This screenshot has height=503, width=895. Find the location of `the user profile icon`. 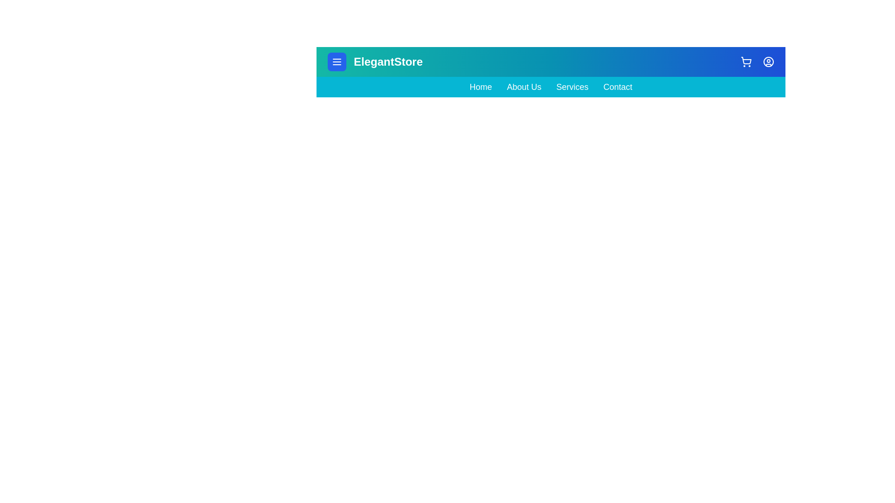

the user profile icon is located at coordinates (769, 61).